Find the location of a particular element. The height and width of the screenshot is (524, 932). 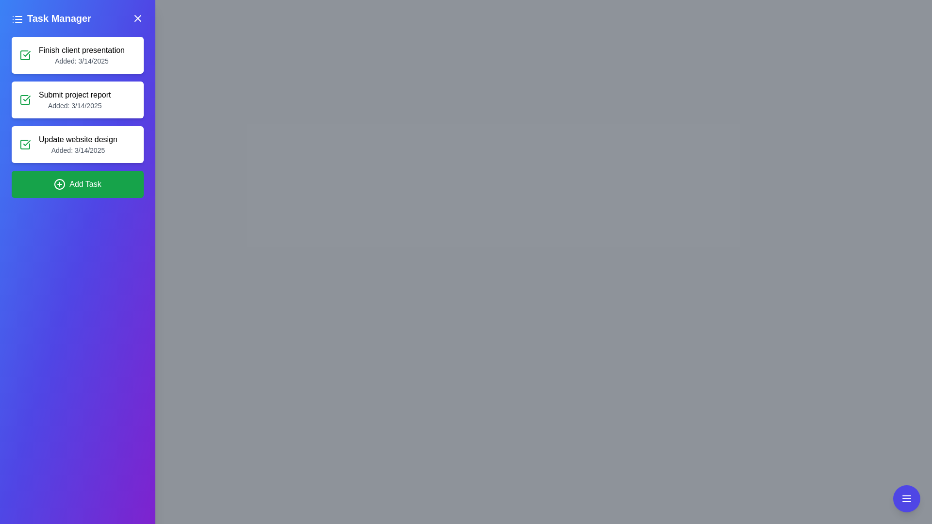

the task completion indicator icon for the 'Update website design' task is located at coordinates (25, 144).